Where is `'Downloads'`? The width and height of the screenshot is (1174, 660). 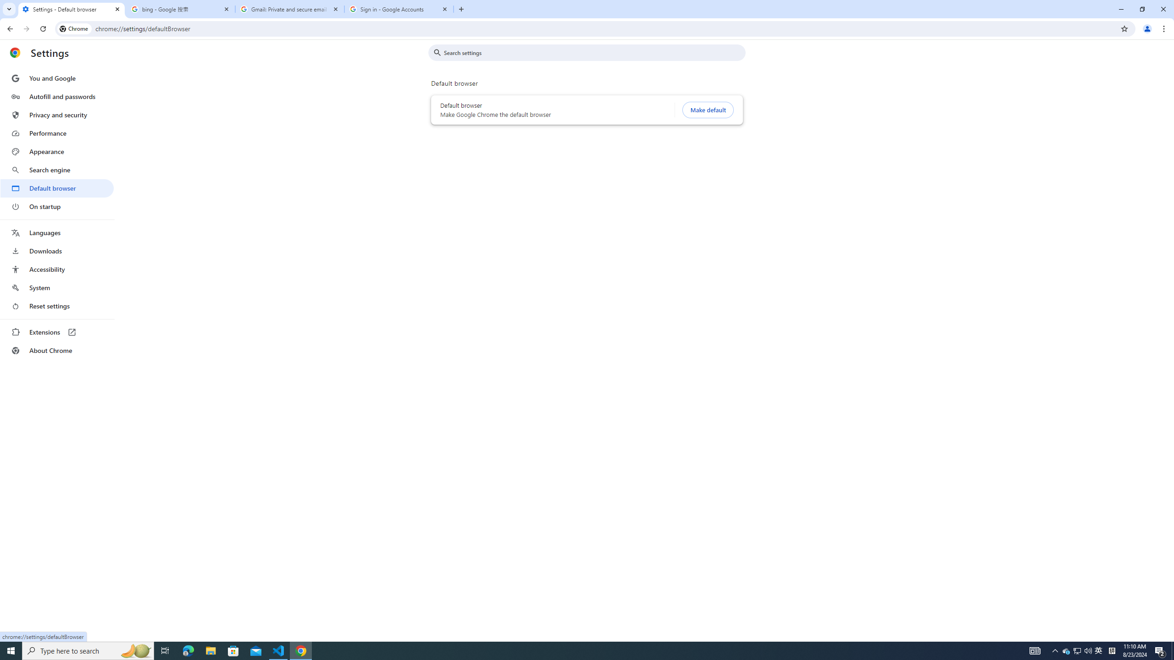 'Downloads' is located at coordinates (56, 251).